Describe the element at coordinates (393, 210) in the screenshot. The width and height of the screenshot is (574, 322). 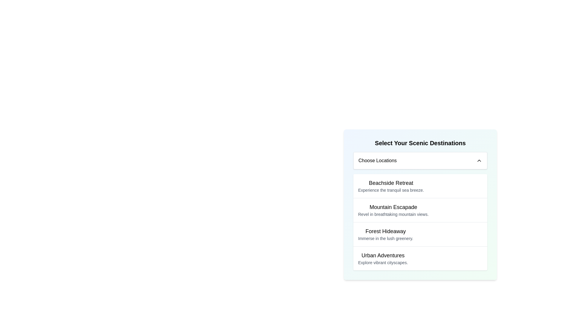
I see `the second list item in the selection list under the header 'Select Your Scenic Destinations'` at that location.